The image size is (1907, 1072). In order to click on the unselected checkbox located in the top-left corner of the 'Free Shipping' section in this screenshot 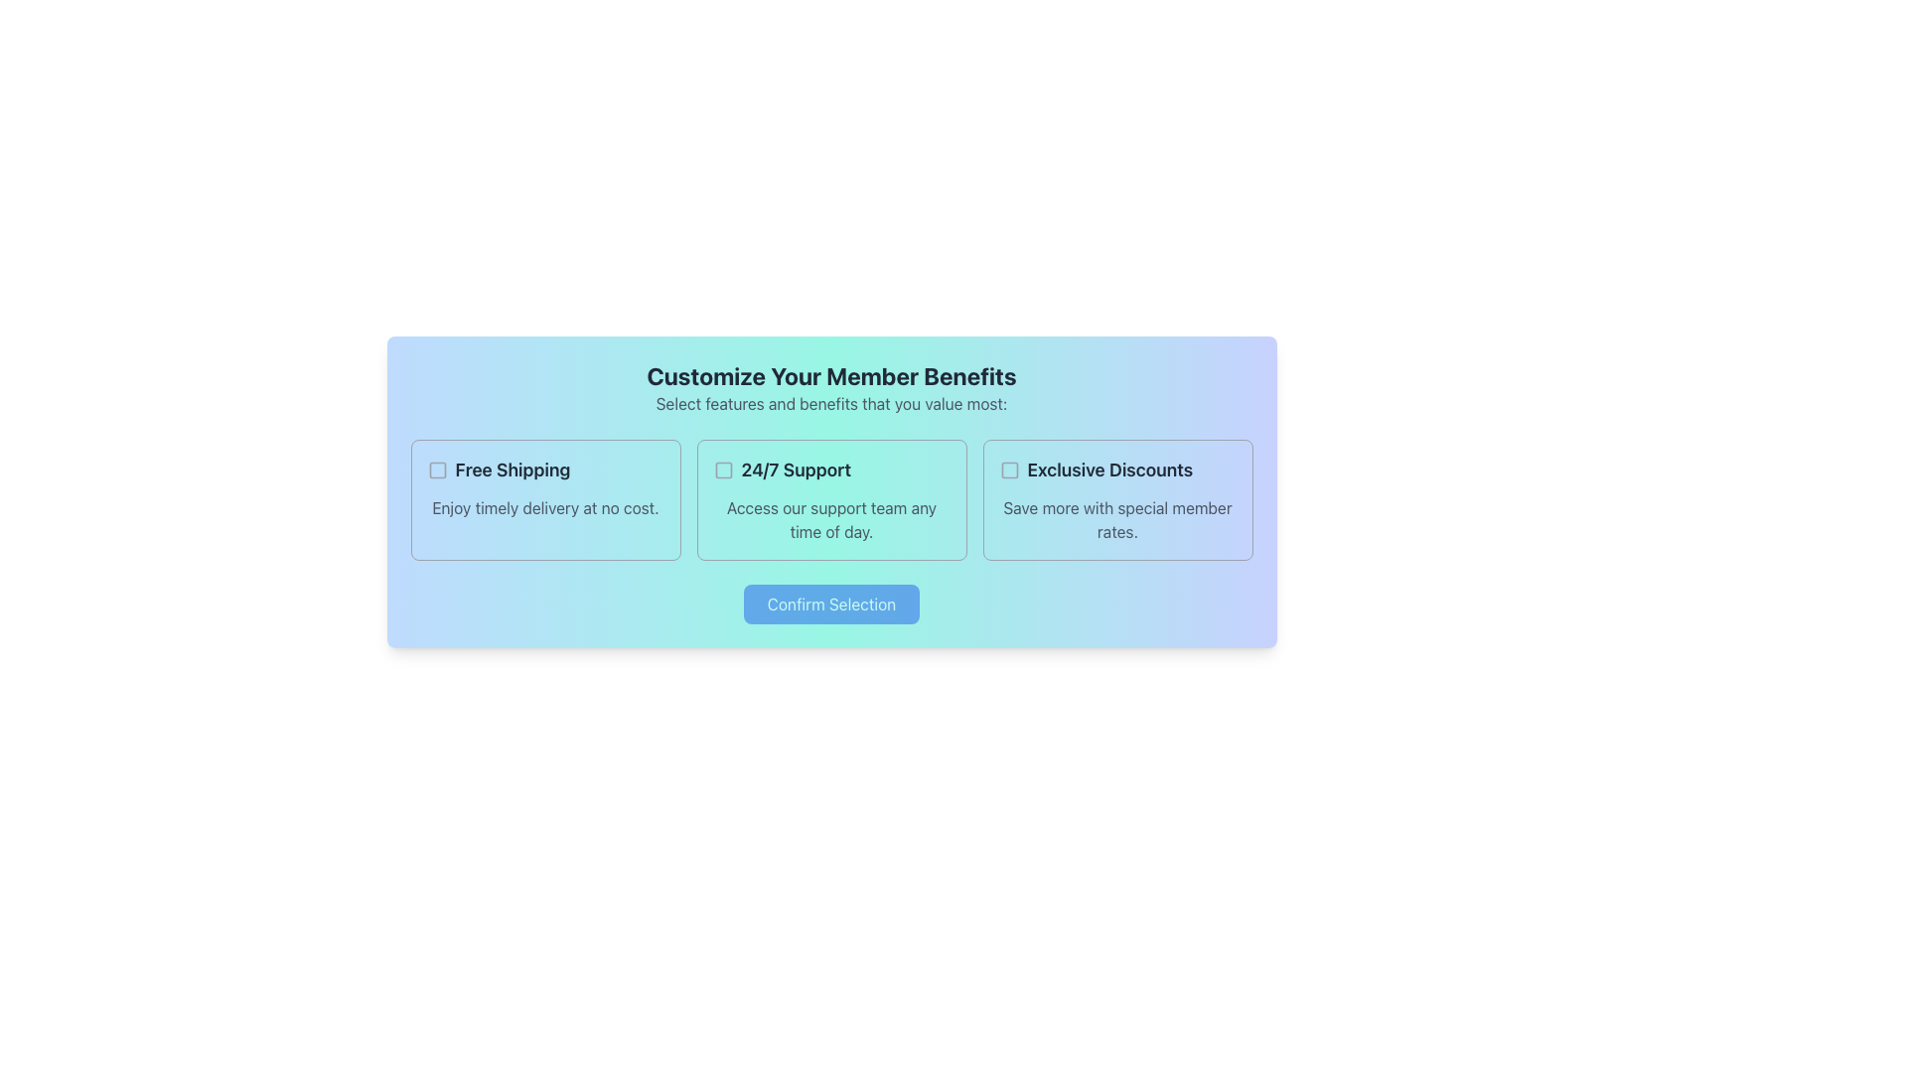, I will do `click(436, 470)`.